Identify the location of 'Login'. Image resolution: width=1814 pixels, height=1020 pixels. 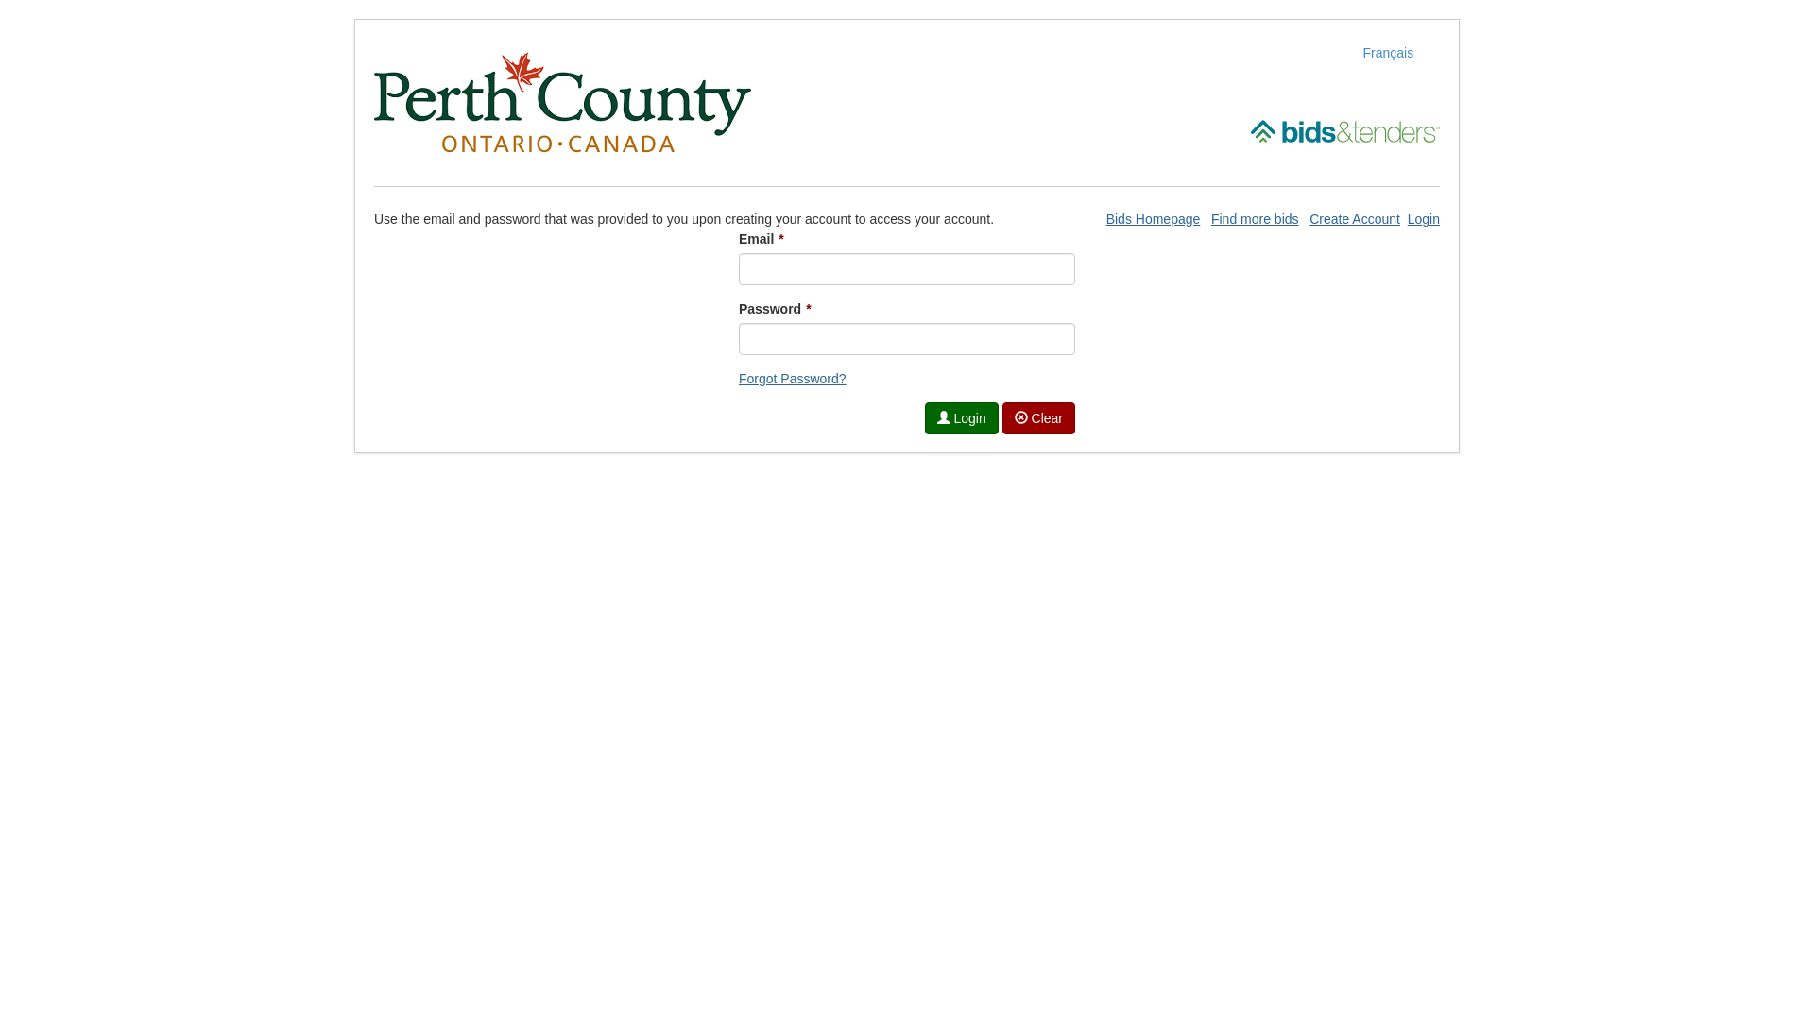
(1407, 217).